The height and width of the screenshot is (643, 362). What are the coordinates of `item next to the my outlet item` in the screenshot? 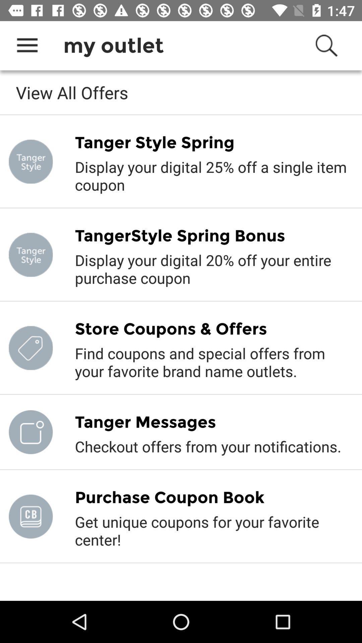 It's located at (27, 45).